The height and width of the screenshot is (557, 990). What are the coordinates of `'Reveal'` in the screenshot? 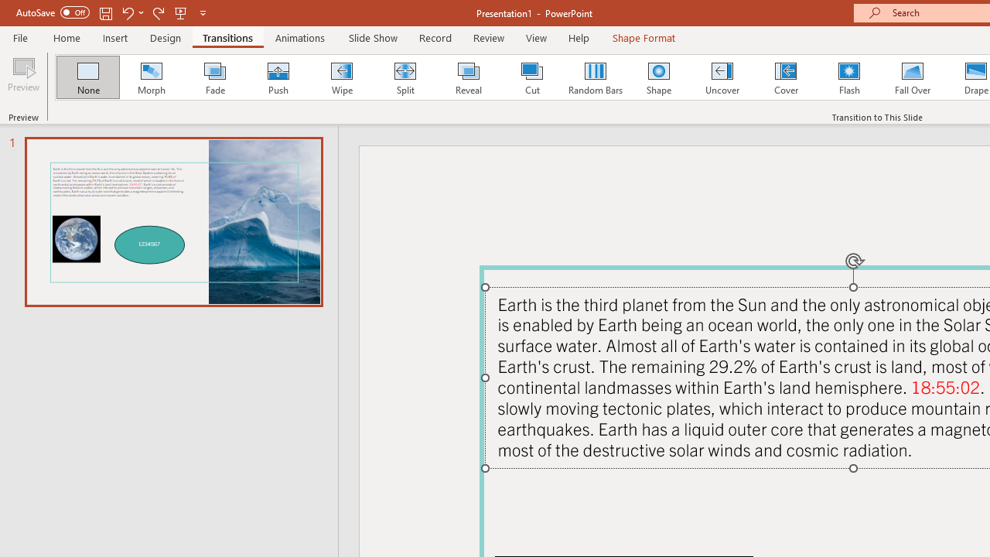 It's located at (467, 77).